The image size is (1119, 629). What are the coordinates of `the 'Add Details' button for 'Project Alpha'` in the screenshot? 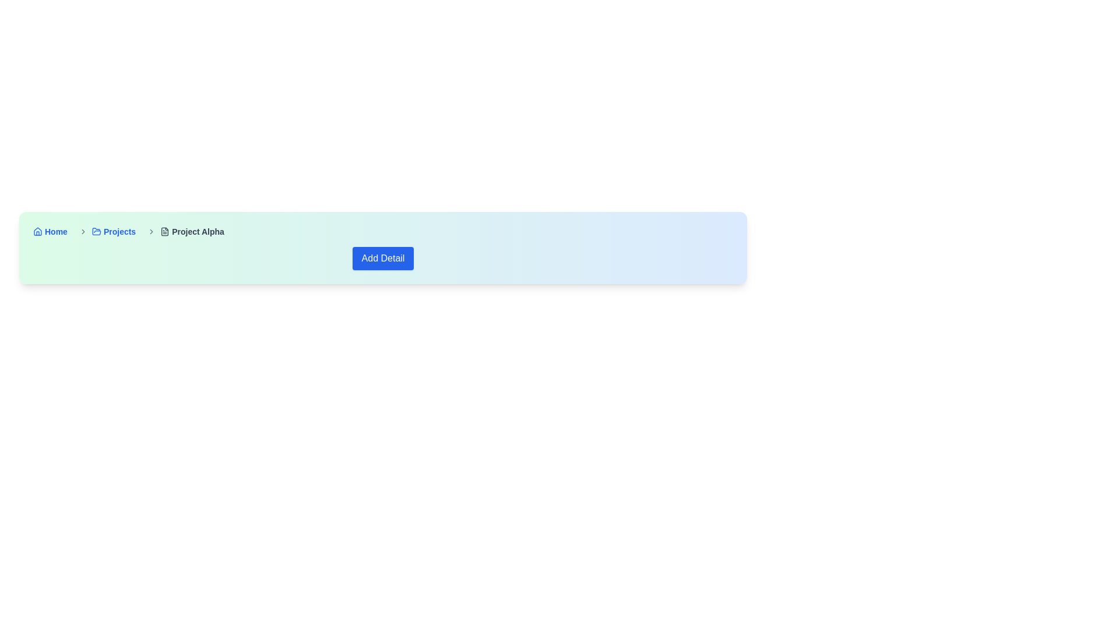 It's located at (383, 257).